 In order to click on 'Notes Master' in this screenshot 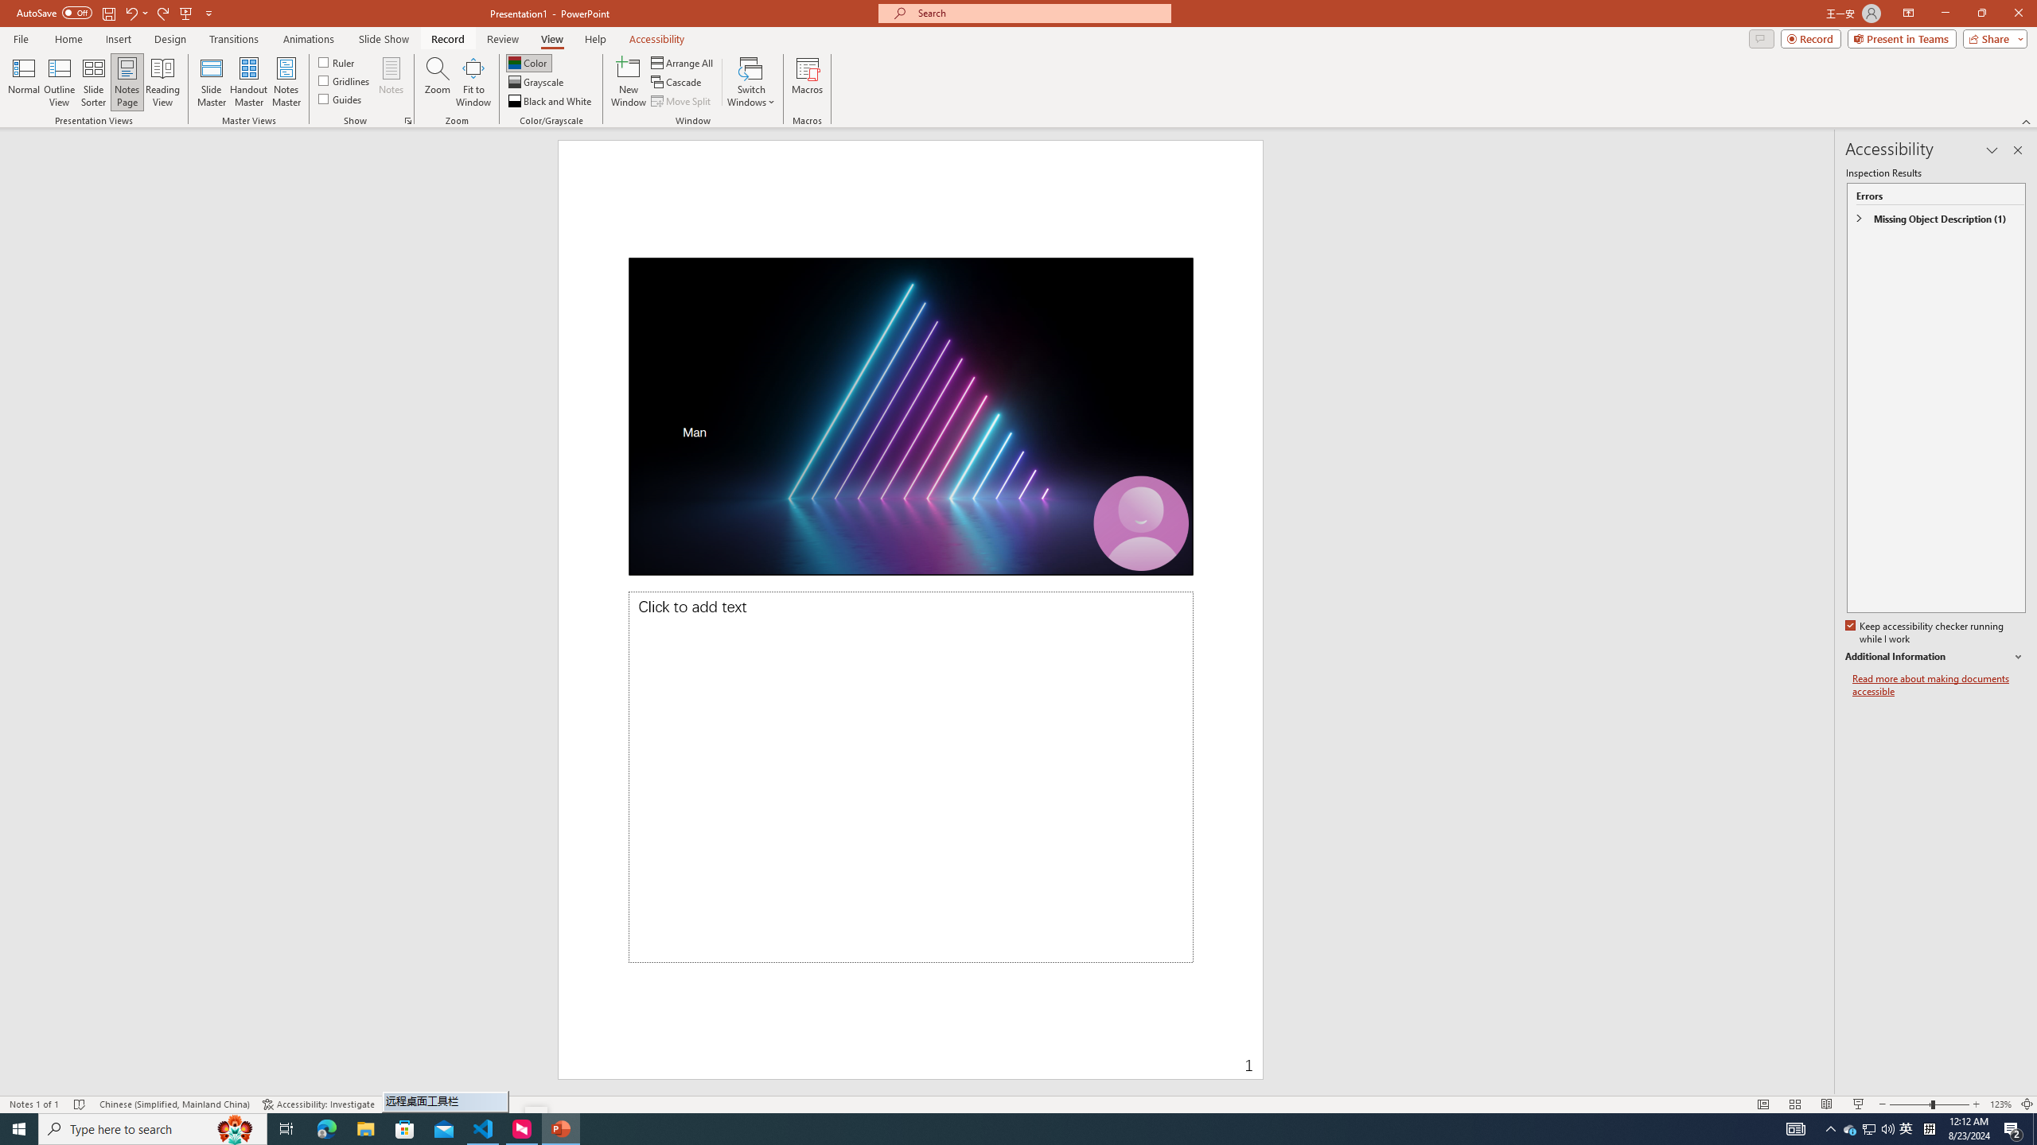, I will do `click(285, 82)`.